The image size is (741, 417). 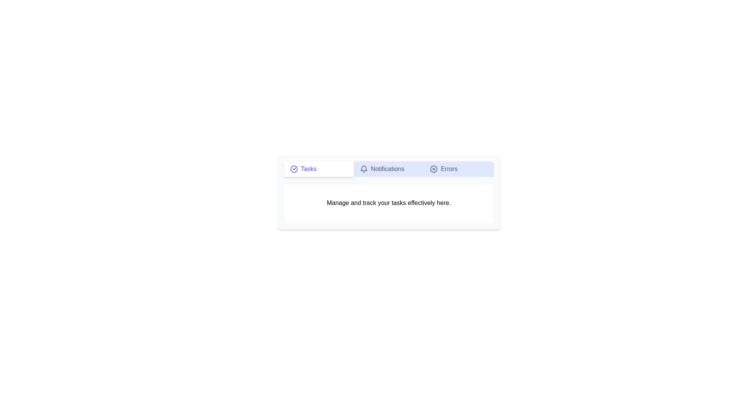 I want to click on the Errors tab by clicking on its button, so click(x=459, y=169).